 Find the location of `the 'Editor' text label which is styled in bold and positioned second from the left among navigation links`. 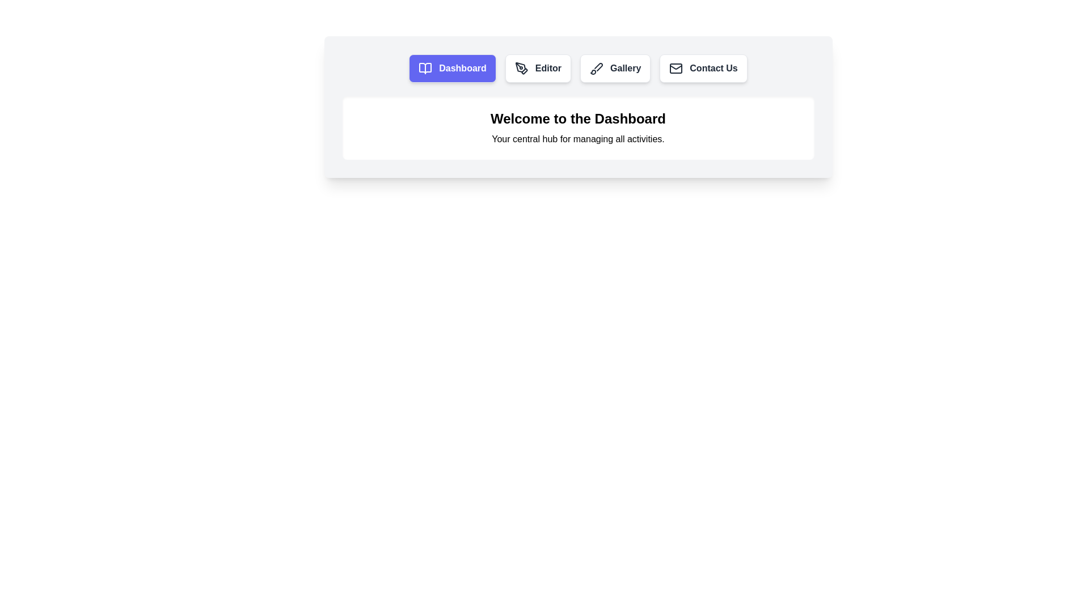

the 'Editor' text label which is styled in bold and positioned second from the left among navigation links is located at coordinates (548, 68).